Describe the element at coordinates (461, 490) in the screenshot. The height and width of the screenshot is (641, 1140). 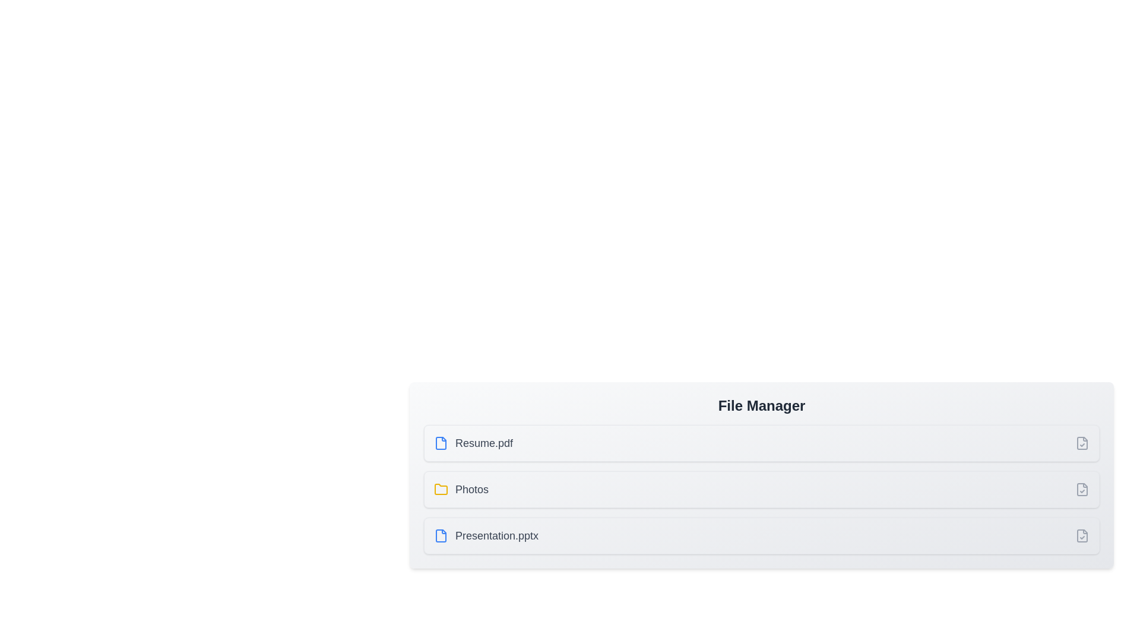
I see `the file or folder represented by Photos` at that location.